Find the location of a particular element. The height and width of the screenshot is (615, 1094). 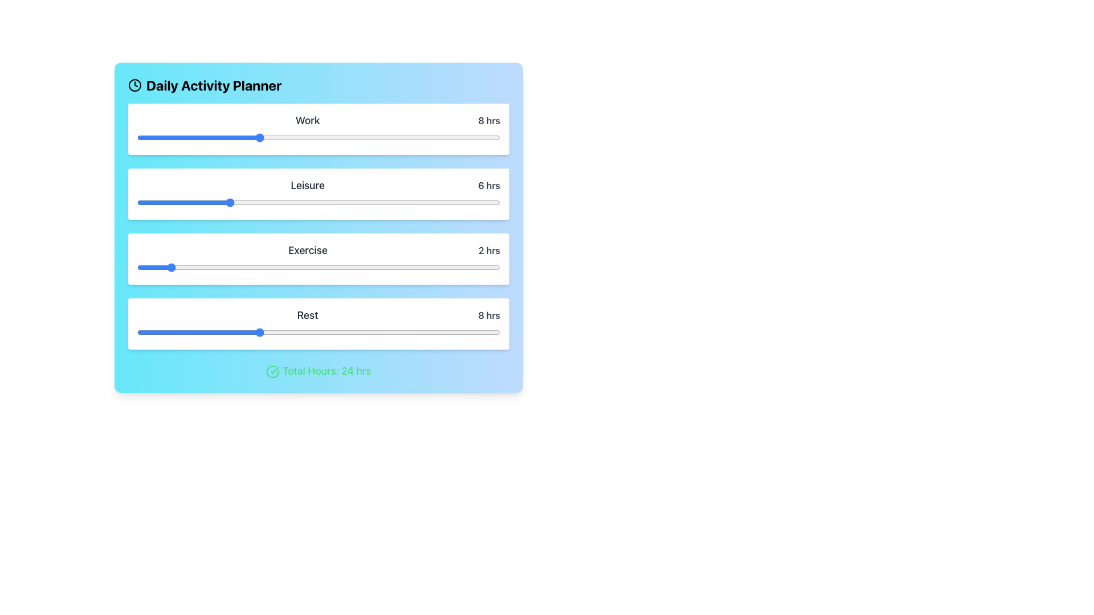

the circular checkmark icon with a green outline located in the bottom section of the interface, slightly left of center, indicating completion or approval is located at coordinates (272, 372).